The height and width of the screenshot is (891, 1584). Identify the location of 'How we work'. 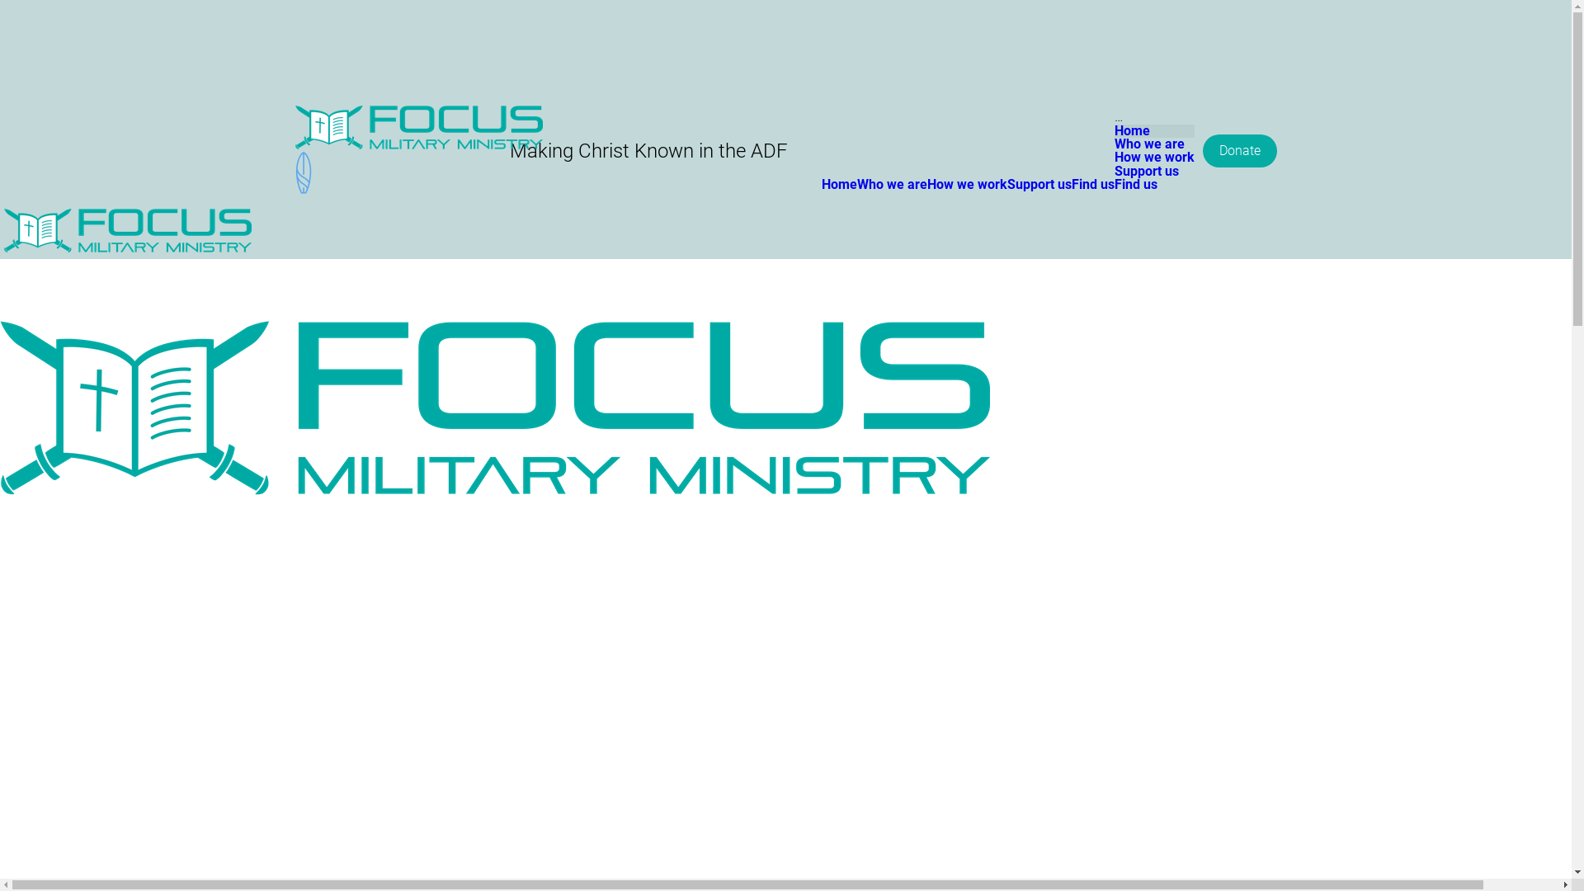
(967, 184).